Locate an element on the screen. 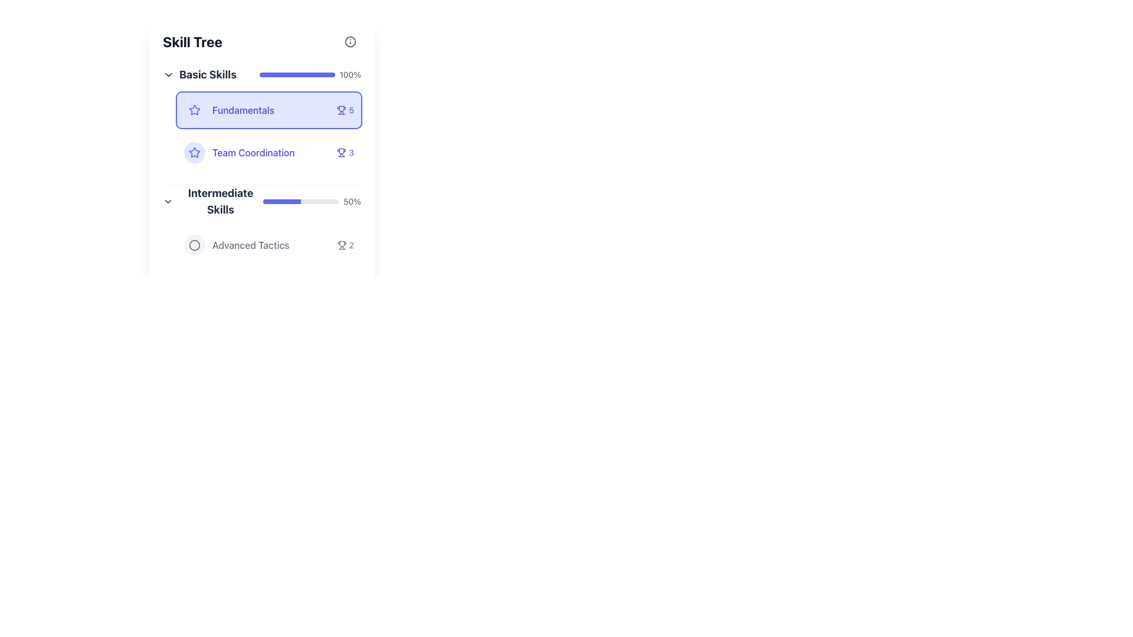 This screenshot has height=637, width=1133. the circular button with an information icon located at the top-right corner of the 'Skill Tree' section is located at coordinates (350, 41).